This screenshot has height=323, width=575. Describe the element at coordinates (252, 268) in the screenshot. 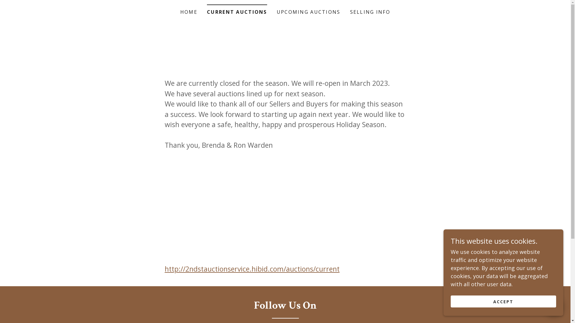

I see `'http://2ndstauctionservice.hibid.com/auctions/current'` at that location.